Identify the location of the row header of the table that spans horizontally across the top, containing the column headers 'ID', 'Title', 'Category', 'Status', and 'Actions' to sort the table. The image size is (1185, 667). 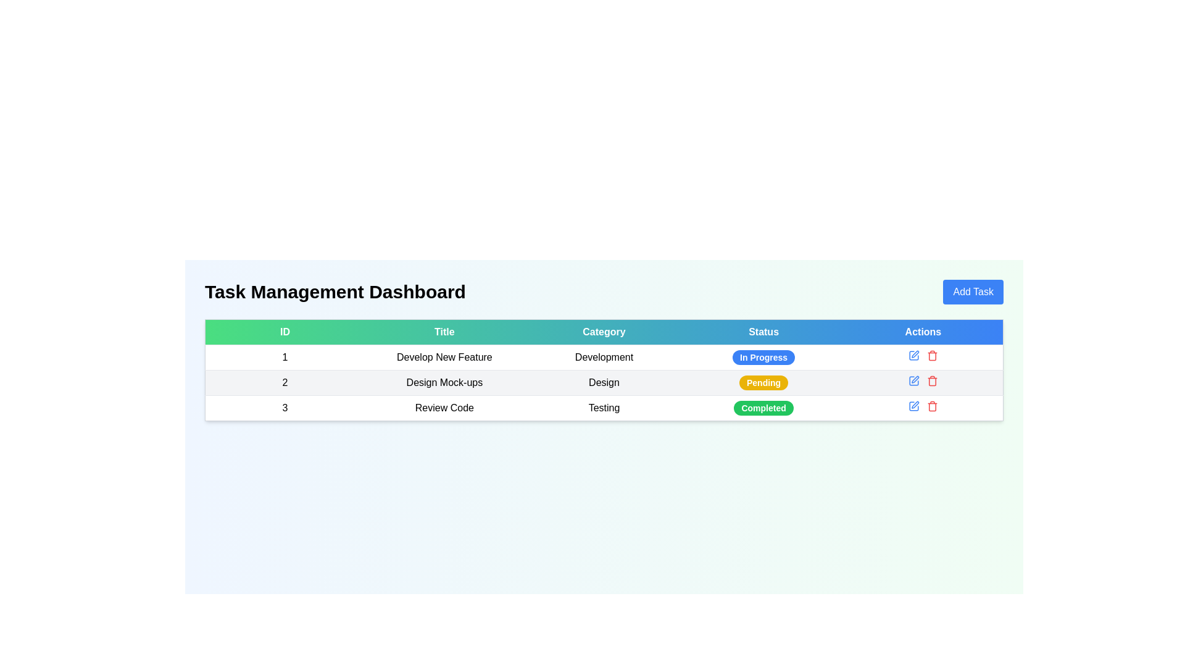
(604, 331).